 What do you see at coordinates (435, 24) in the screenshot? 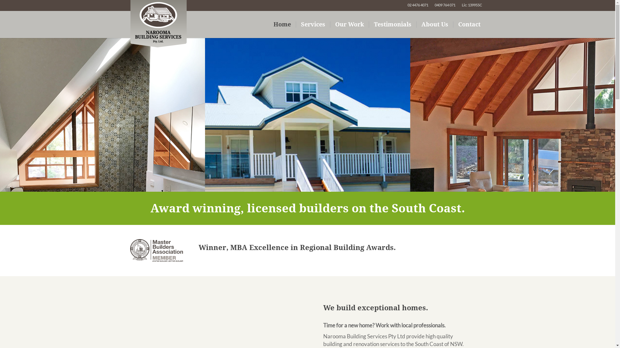
I see `'About Us'` at bounding box center [435, 24].